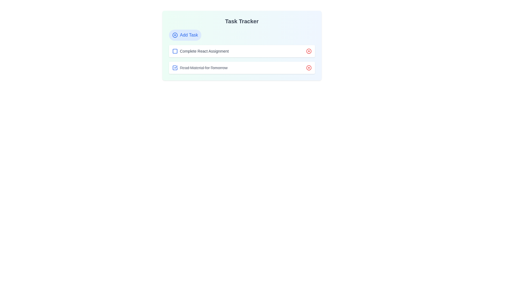 This screenshot has height=299, width=531. I want to click on the delete button of the task with description 'Complete React Assignment', so click(308, 51).